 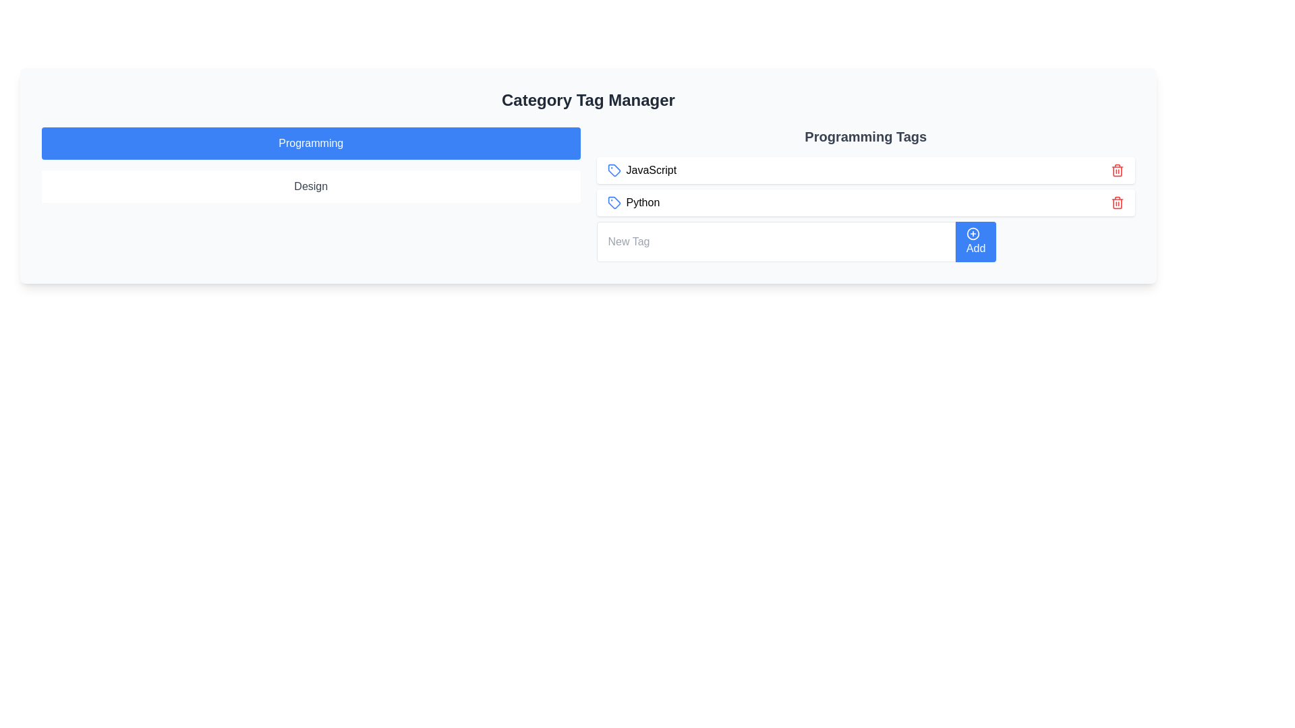 I want to click on the delete button located at the far right side of the row containing the 'JavaScript' tag in the Programming Tags section, so click(x=1117, y=170).